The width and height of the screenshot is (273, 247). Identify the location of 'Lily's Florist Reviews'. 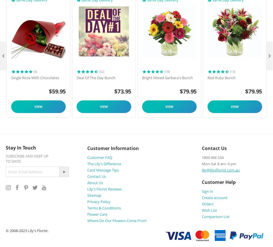
(104, 188).